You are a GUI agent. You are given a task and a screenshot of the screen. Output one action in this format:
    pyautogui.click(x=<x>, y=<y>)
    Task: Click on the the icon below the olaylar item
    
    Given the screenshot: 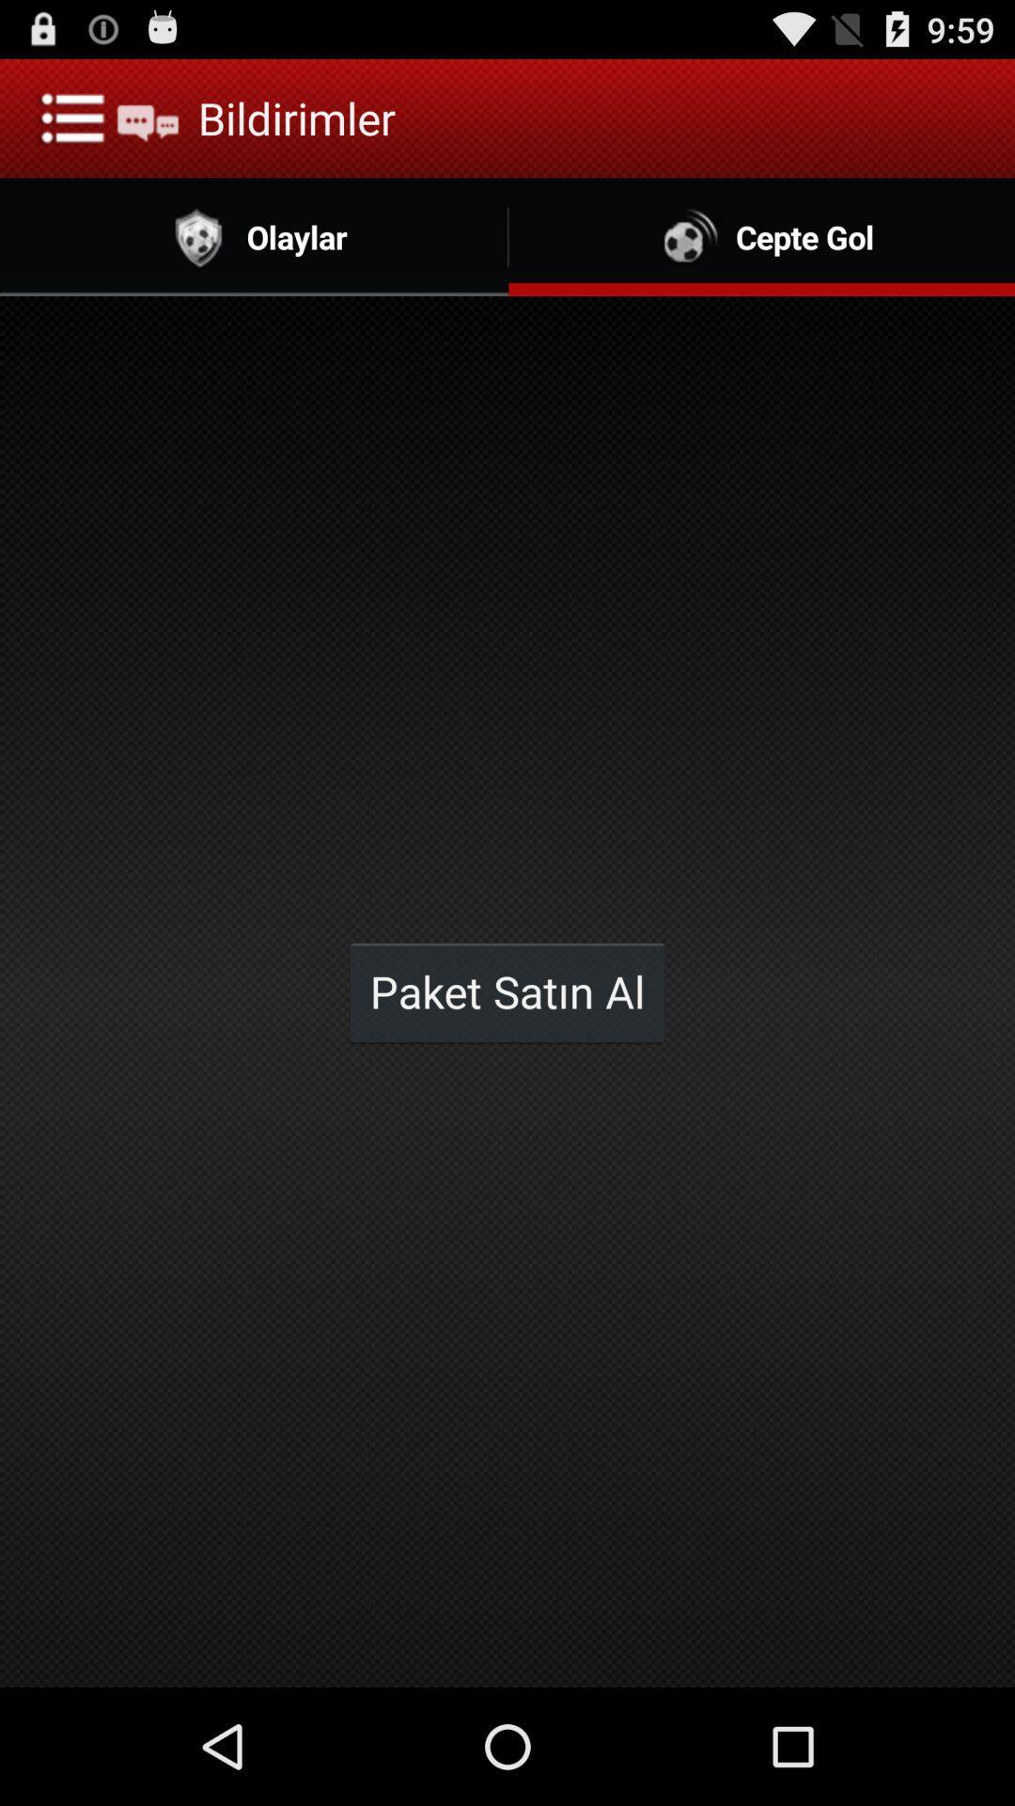 What is the action you would take?
    pyautogui.click(x=507, y=990)
    